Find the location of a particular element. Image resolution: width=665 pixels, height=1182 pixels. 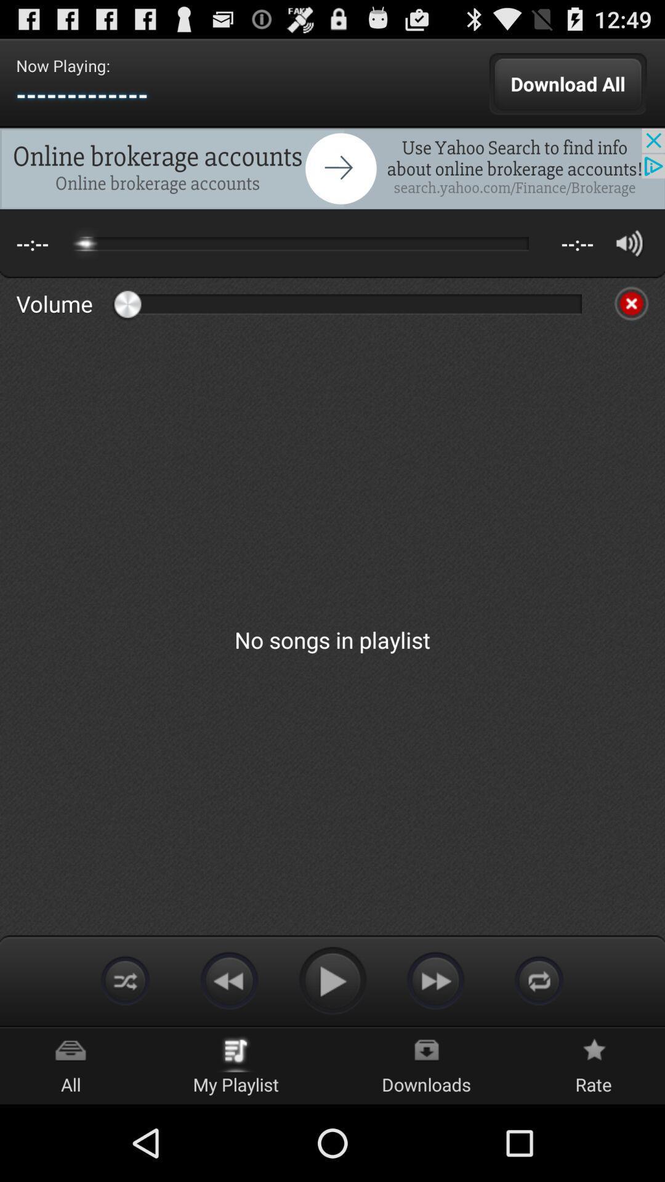

volume is located at coordinates (629, 243).